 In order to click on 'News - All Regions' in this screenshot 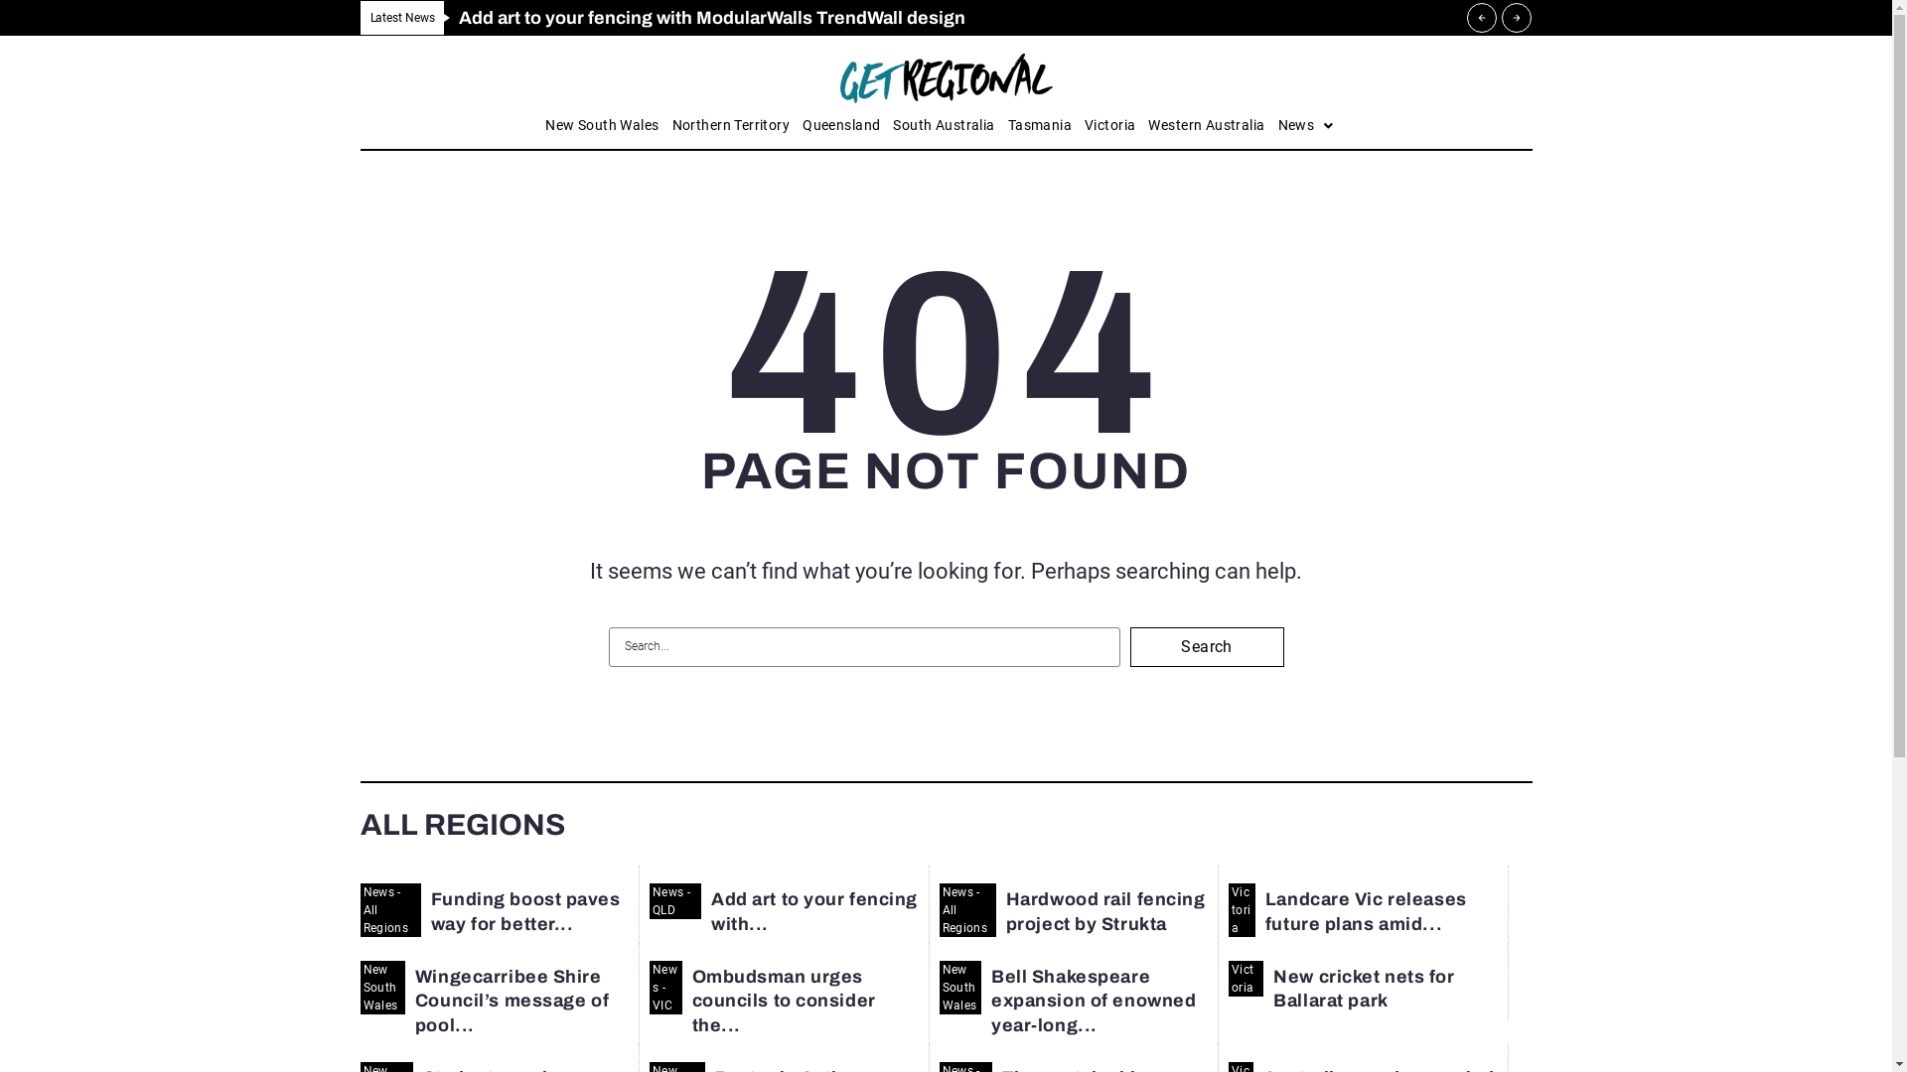, I will do `click(967, 910)`.